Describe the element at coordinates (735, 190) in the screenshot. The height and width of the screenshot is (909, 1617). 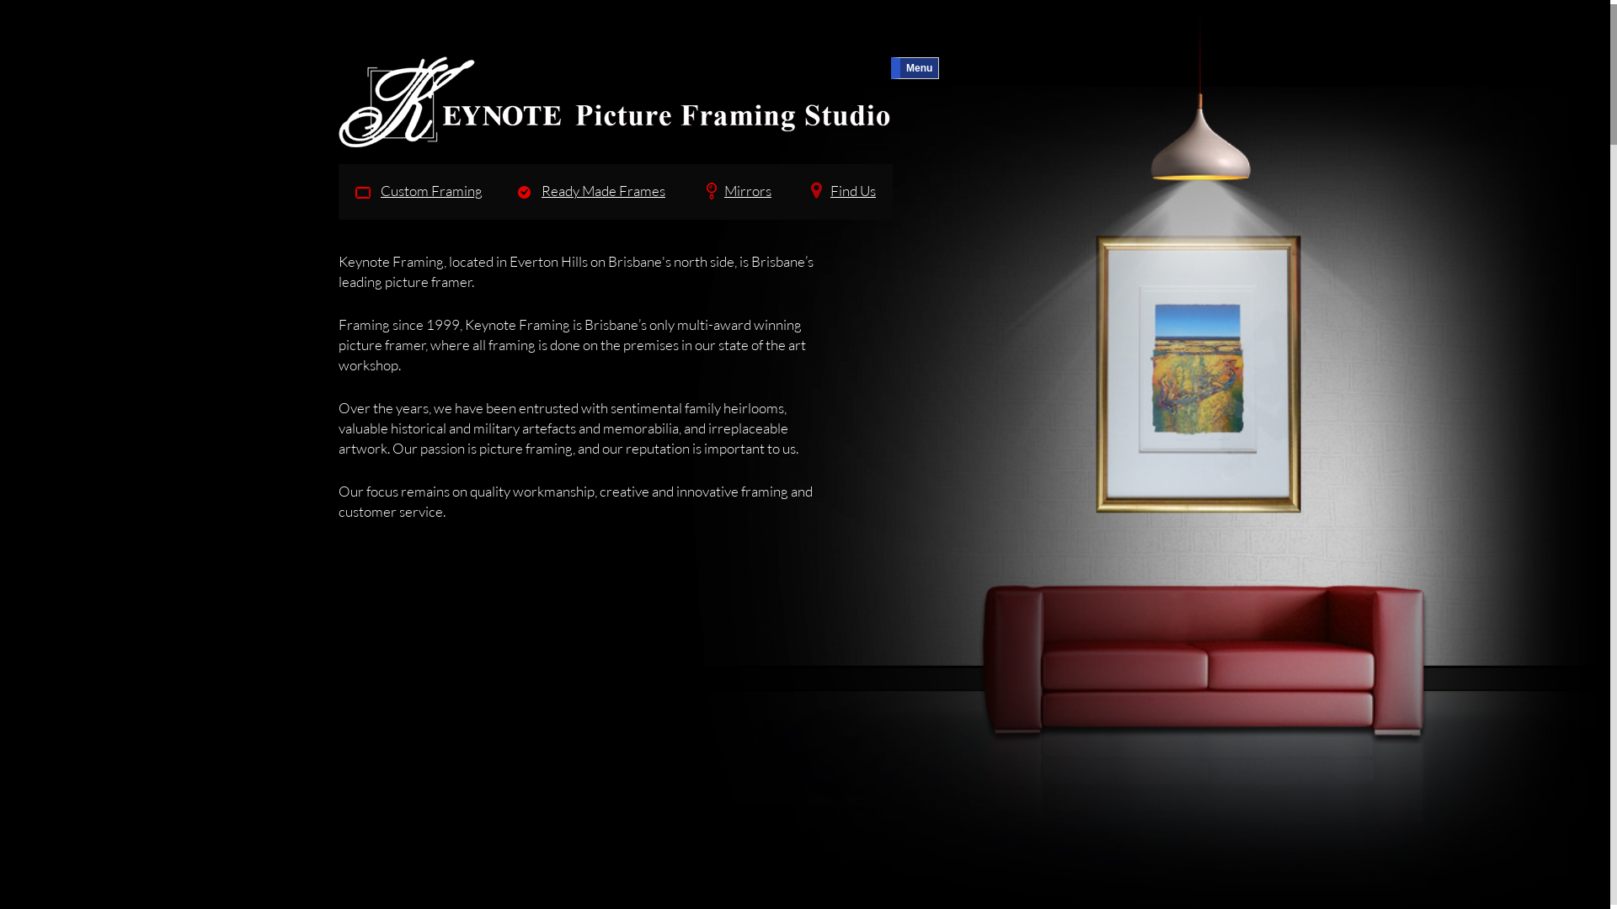
I see `'Mirrors'` at that location.